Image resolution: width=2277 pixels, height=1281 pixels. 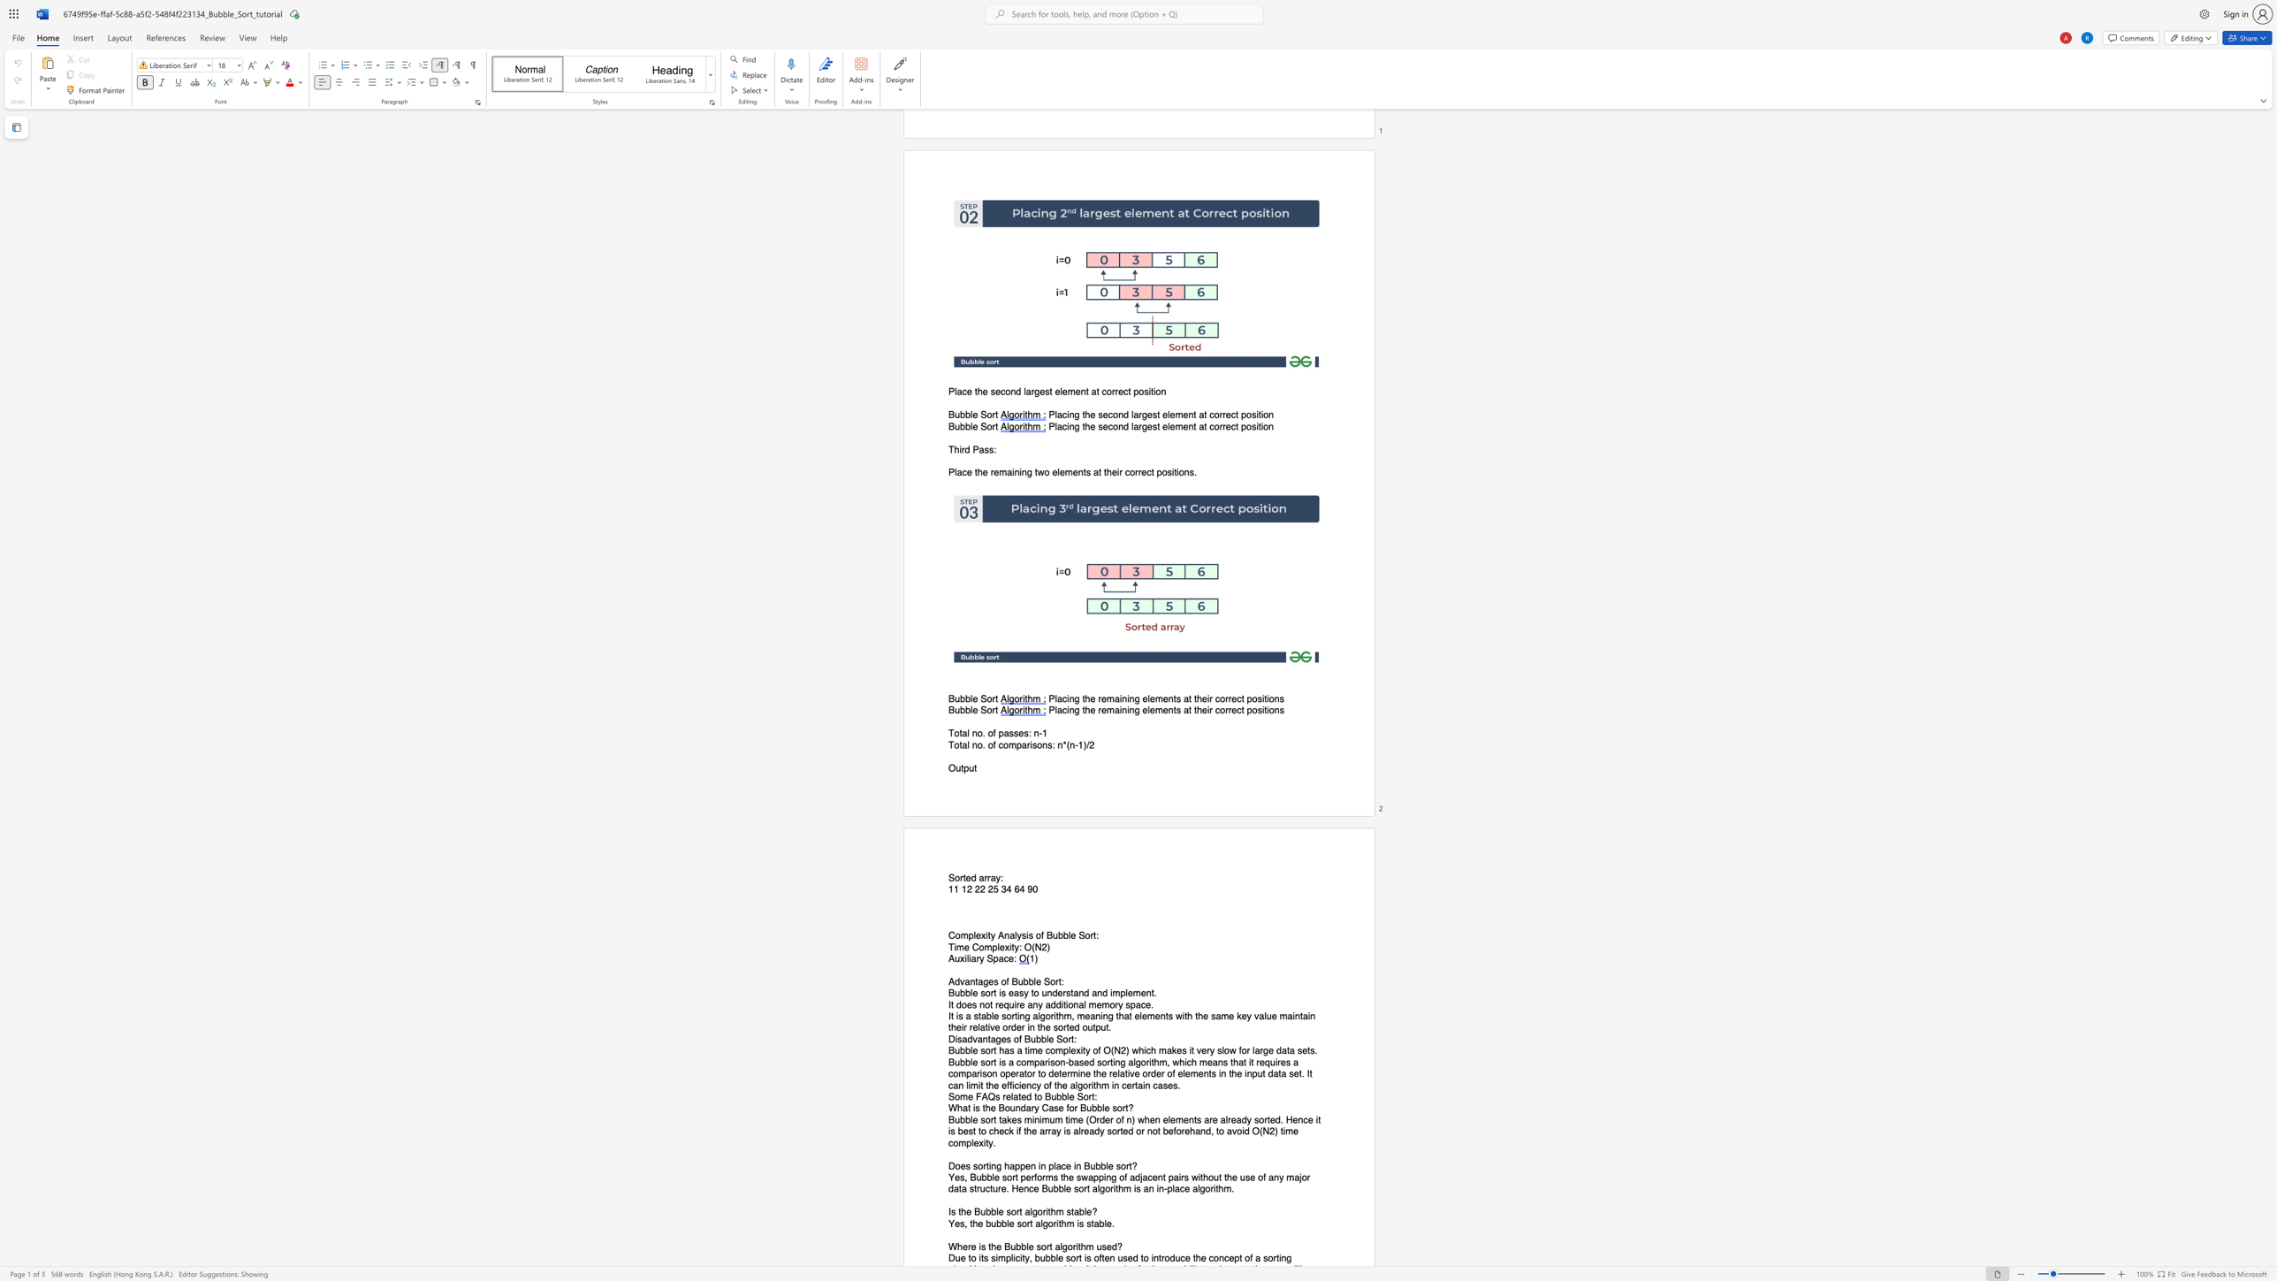 What do you see at coordinates (1306, 1049) in the screenshot?
I see `the subset text "ts" within the text "for large data sets."` at bounding box center [1306, 1049].